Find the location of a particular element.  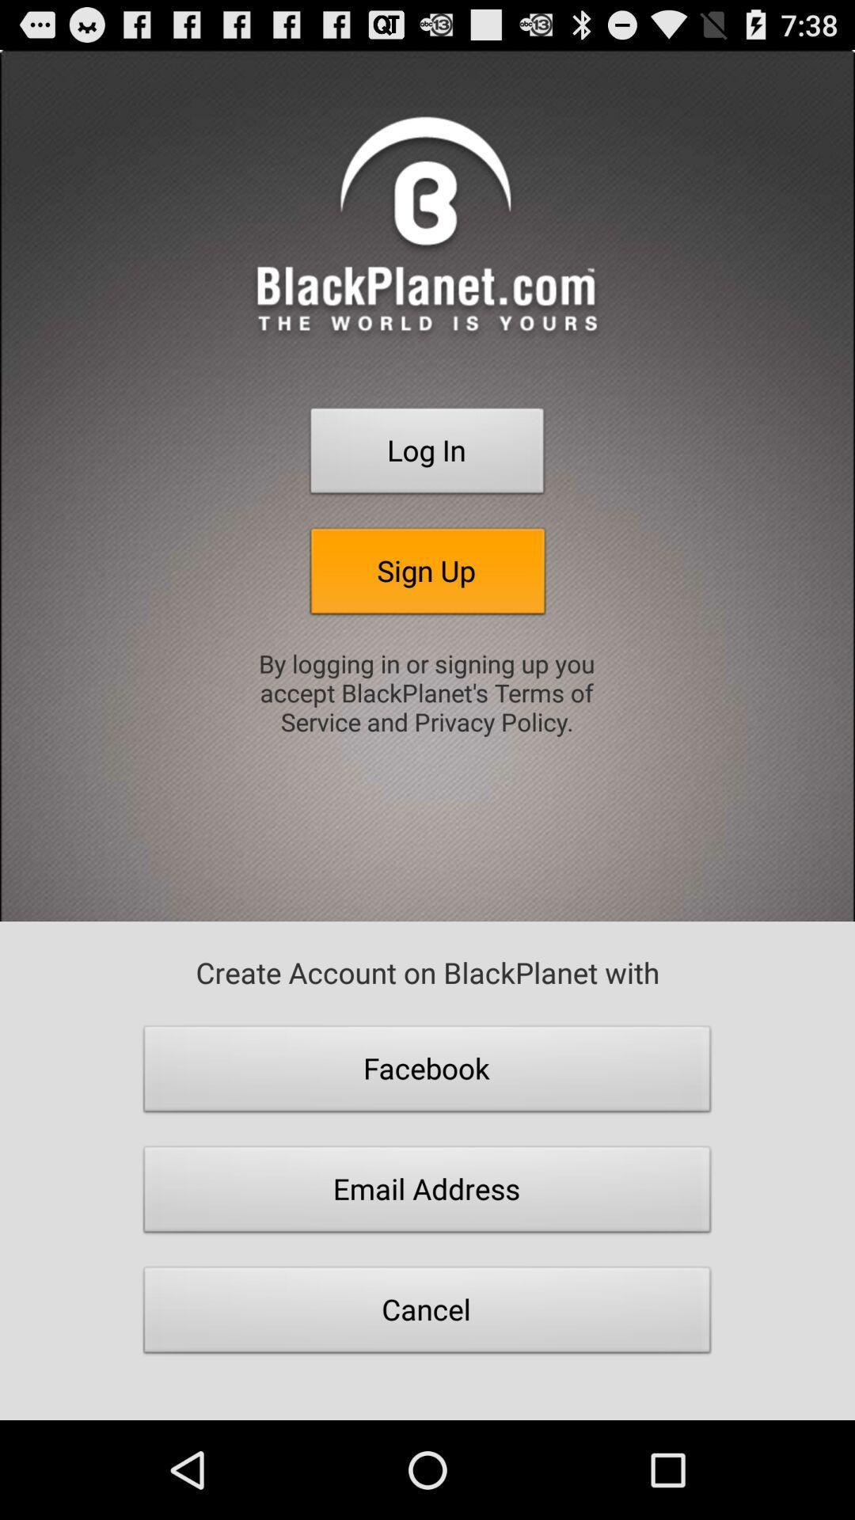

button above sign up item is located at coordinates (427, 454).